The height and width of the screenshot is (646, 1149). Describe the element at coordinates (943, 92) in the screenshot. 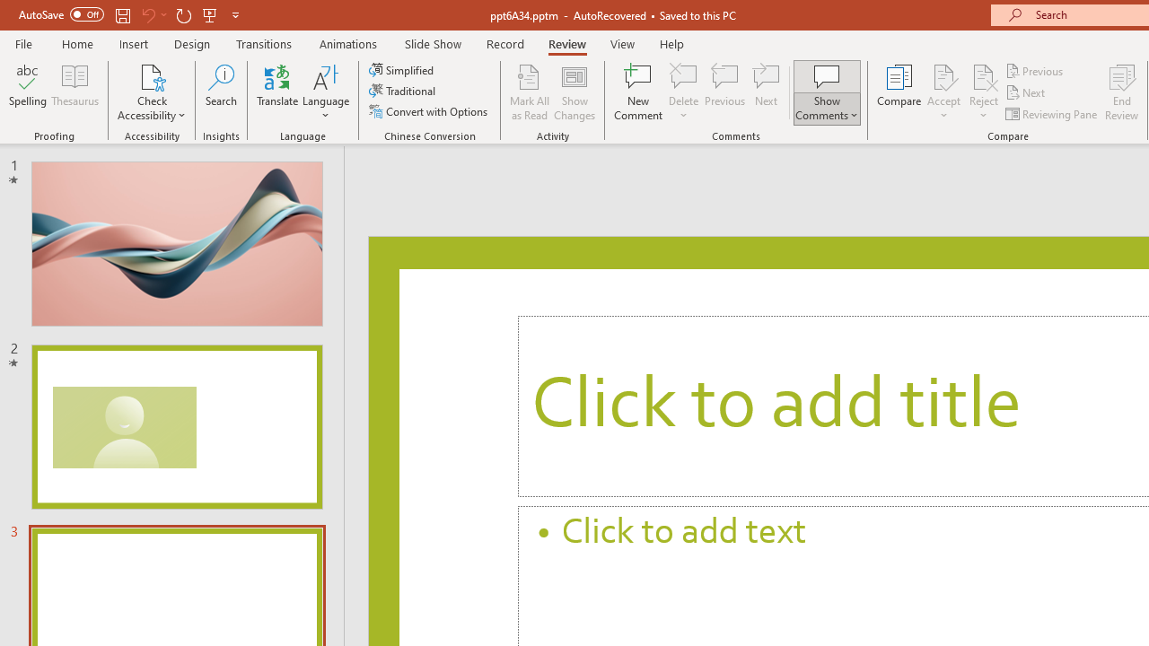

I see `'Accept'` at that location.